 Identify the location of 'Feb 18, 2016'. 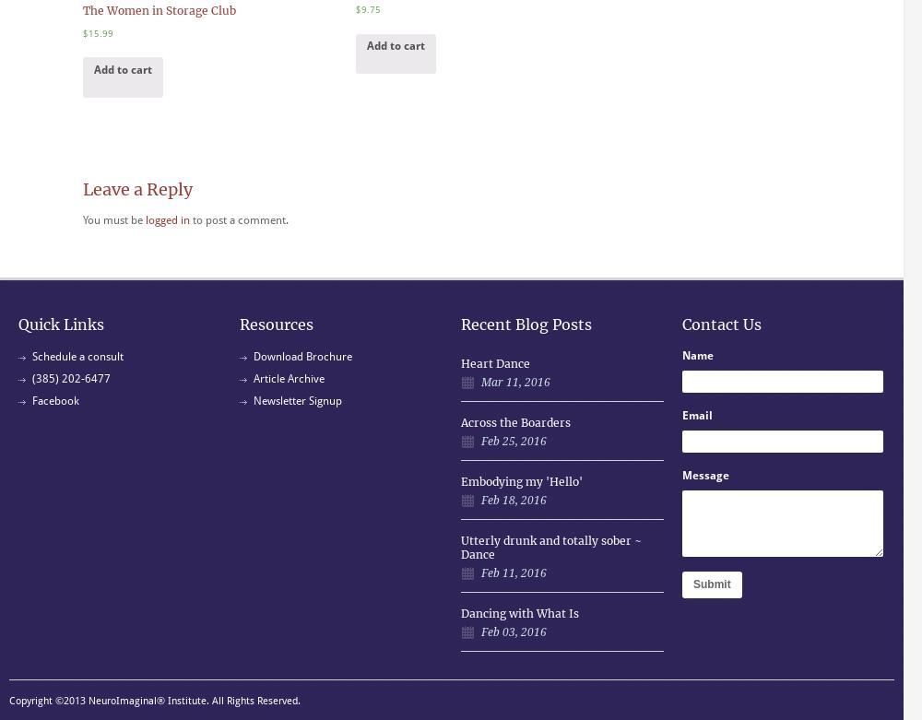
(481, 500).